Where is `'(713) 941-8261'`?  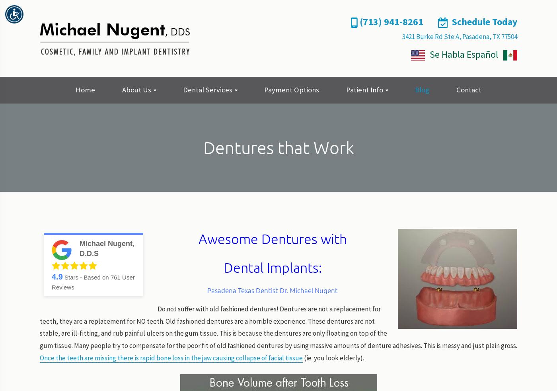
'(713) 941-8261' is located at coordinates (391, 21).